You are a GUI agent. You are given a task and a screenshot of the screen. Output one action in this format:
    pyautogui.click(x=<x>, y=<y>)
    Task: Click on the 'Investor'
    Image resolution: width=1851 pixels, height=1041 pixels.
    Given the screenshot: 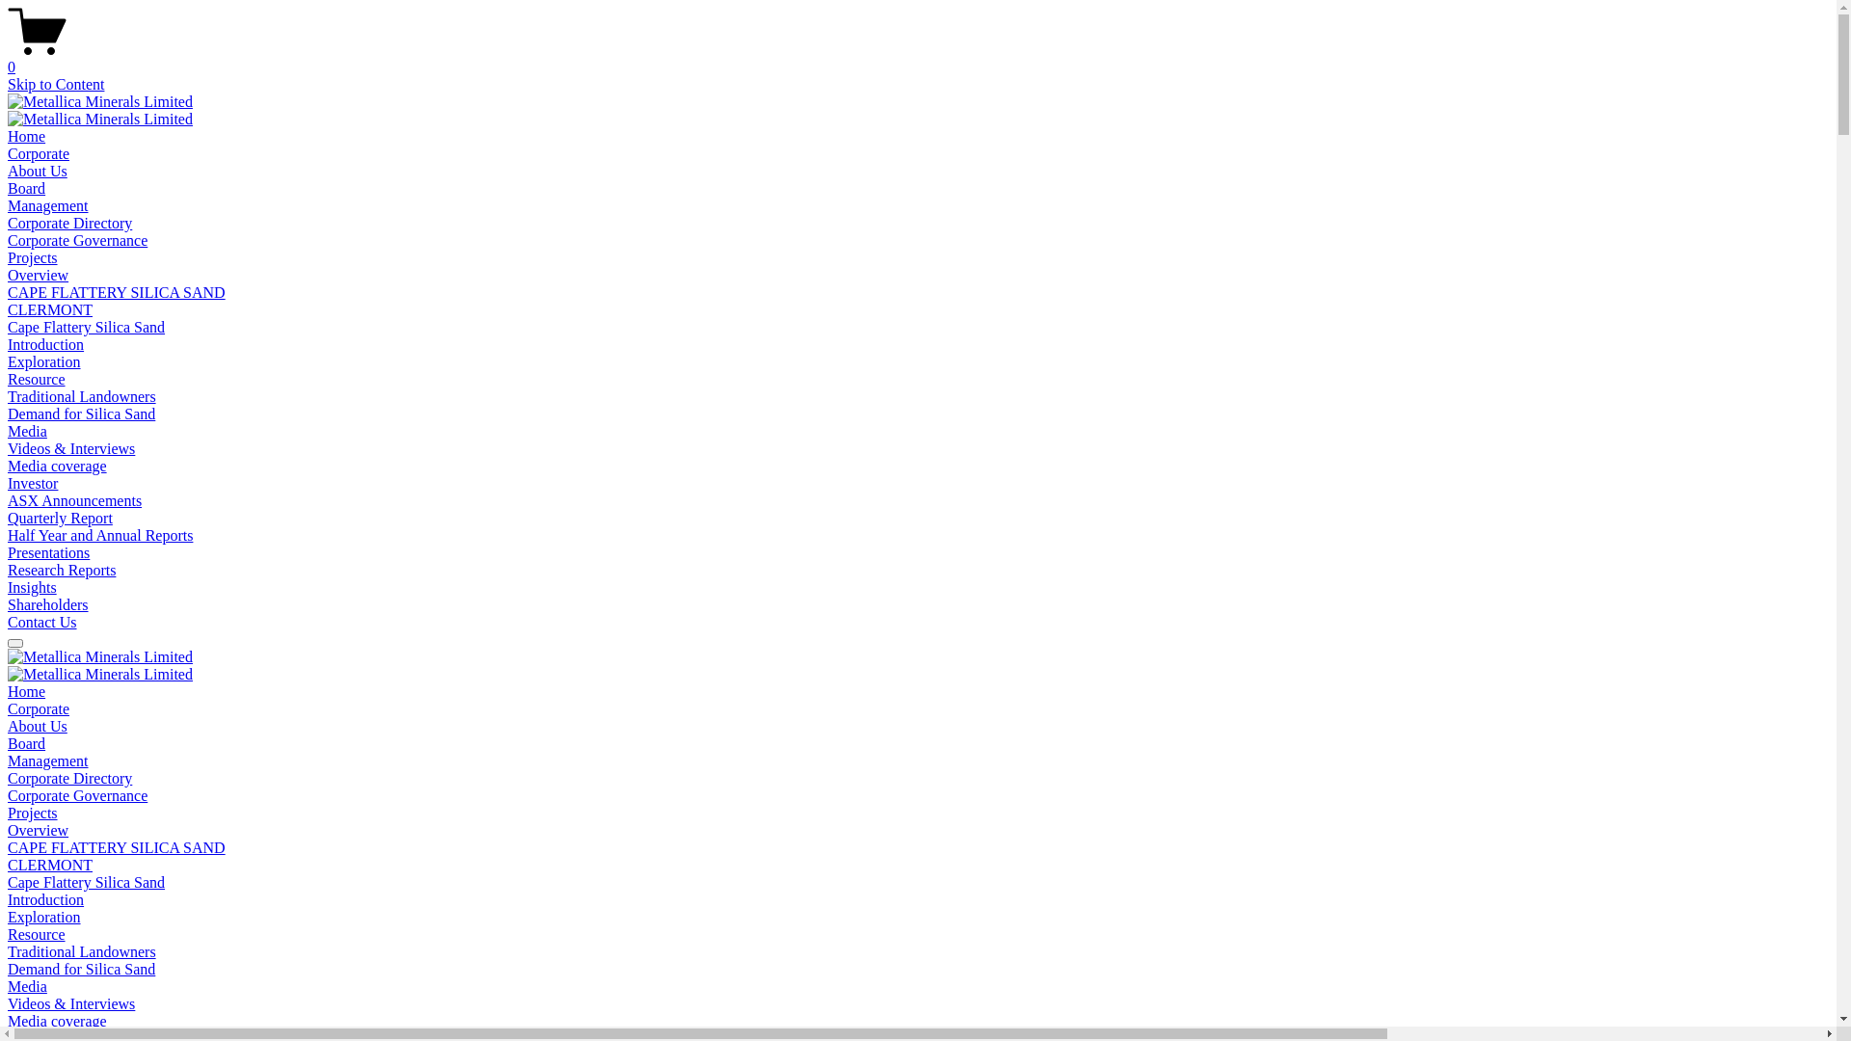 What is the action you would take?
    pyautogui.click(x=32, y=482)
    